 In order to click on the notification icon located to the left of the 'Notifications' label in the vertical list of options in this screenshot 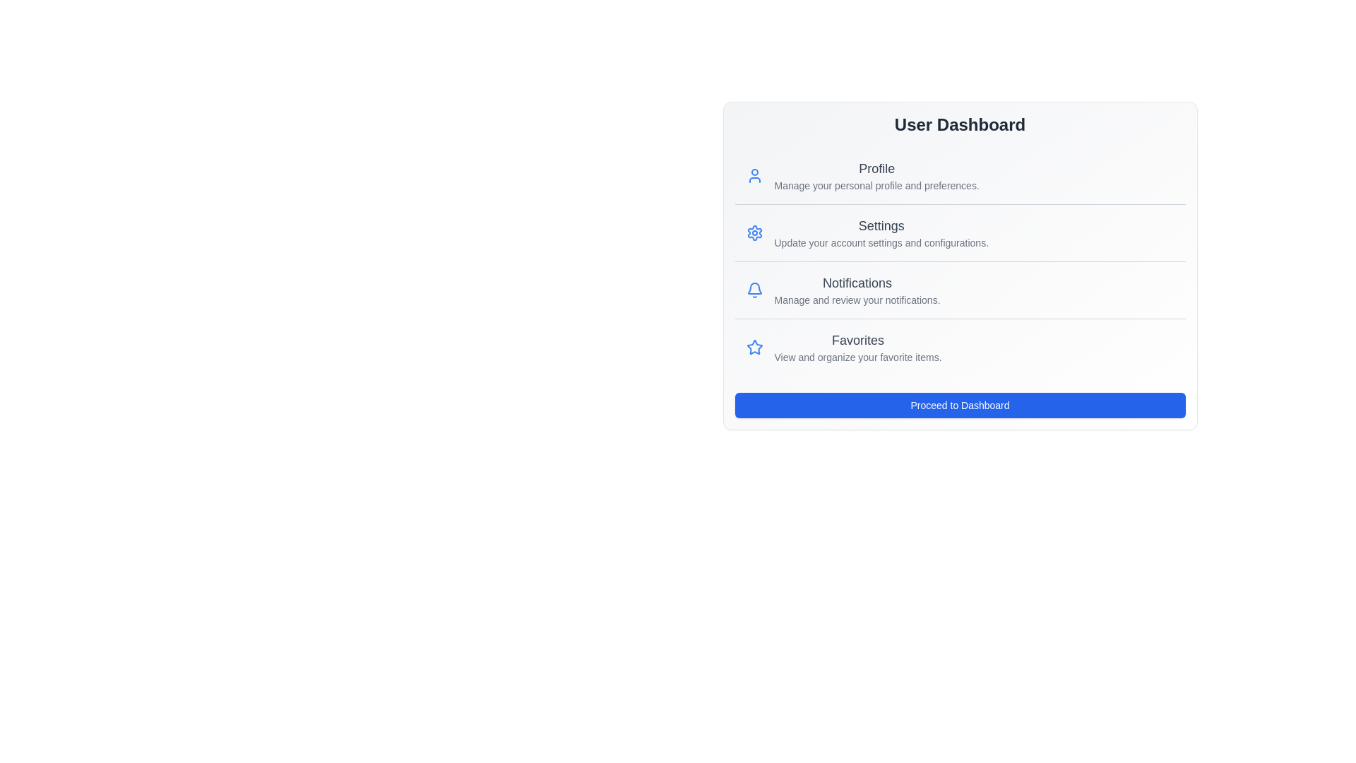, I will do `click(754, 288)`.